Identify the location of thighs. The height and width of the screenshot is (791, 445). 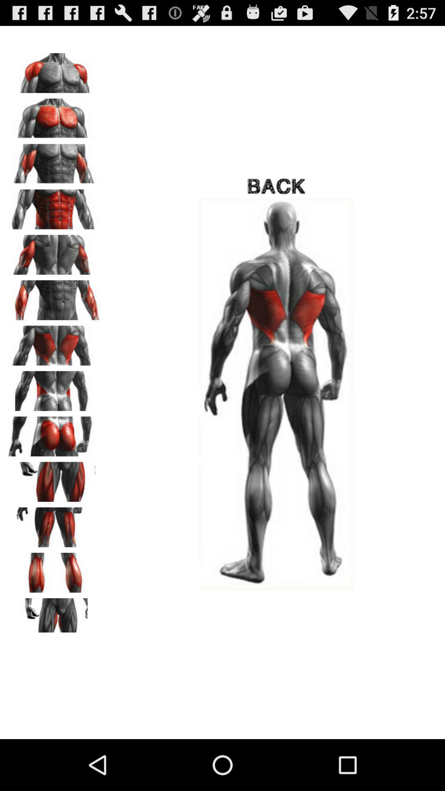
(54, 524).